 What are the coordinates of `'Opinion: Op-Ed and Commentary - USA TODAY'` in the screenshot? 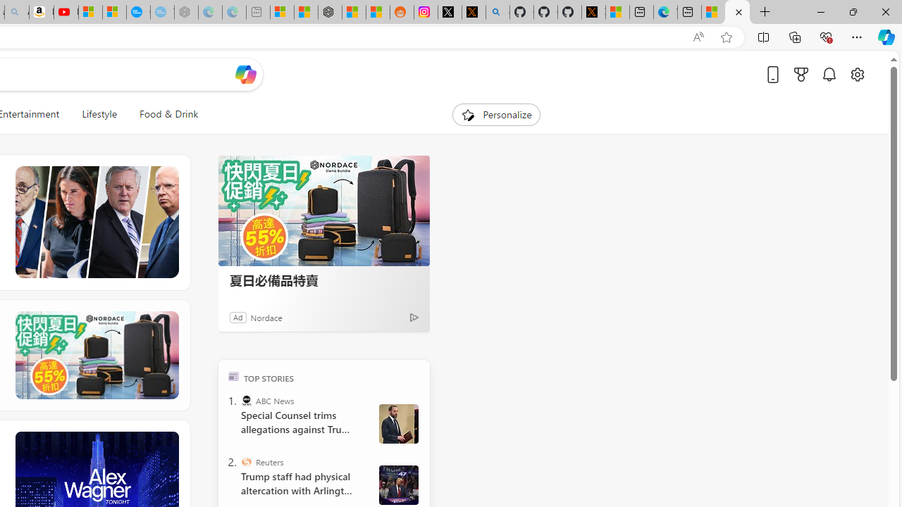 It's located at (138, 12).